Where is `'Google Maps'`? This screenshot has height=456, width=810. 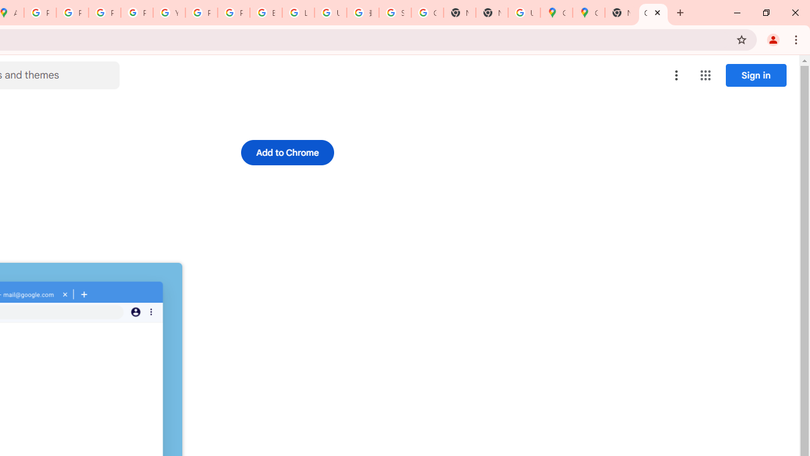
'Google Maps' is located at coordinates (556, 13).